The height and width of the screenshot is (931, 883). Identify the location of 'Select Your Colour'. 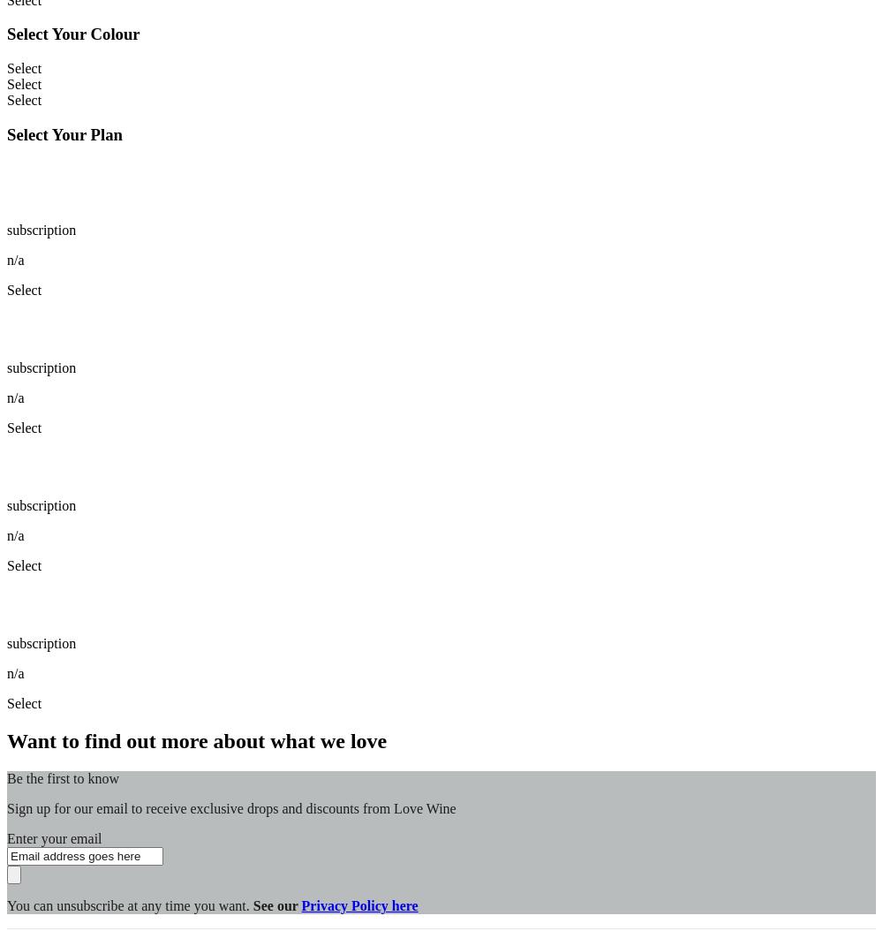
(72, 34).